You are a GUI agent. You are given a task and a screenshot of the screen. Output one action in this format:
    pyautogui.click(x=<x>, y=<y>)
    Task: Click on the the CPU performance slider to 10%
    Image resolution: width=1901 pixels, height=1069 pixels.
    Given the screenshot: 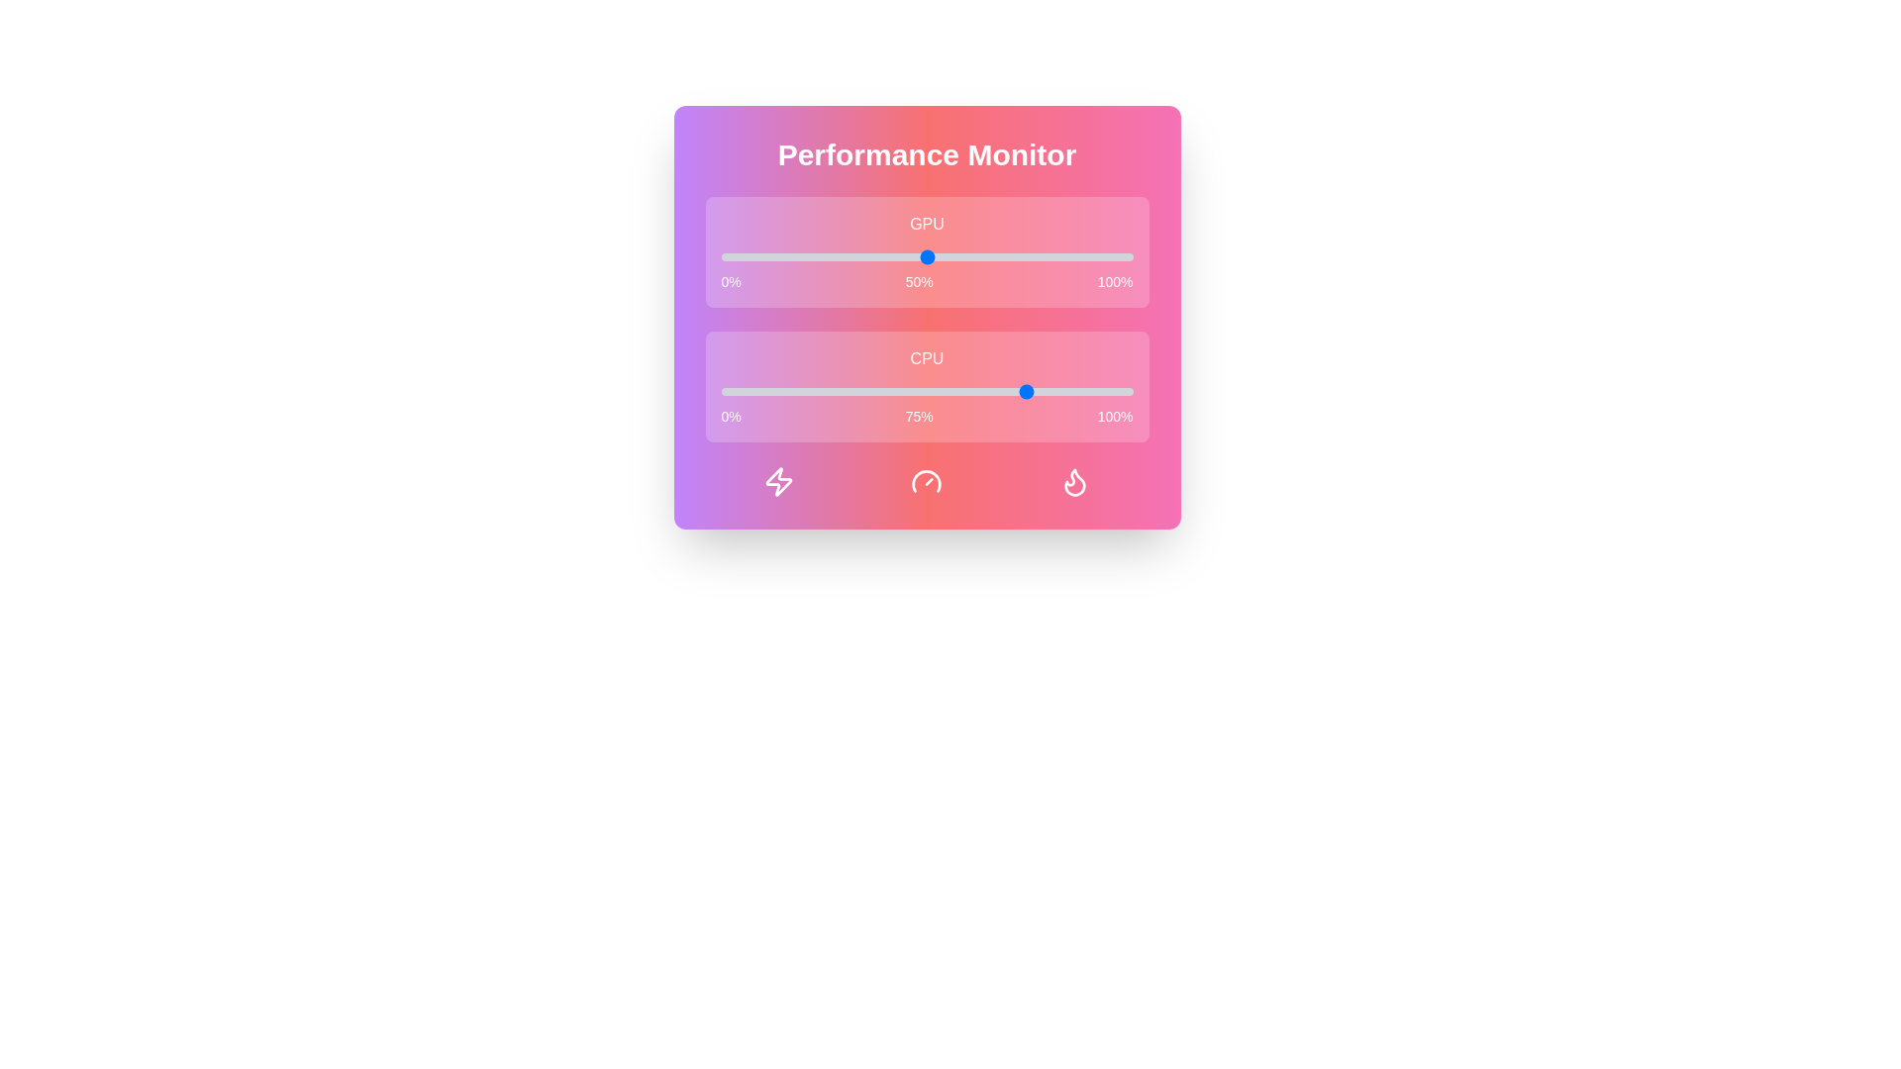 What is the action you would take?
    pyautogui.click(x=761, y=392)
    